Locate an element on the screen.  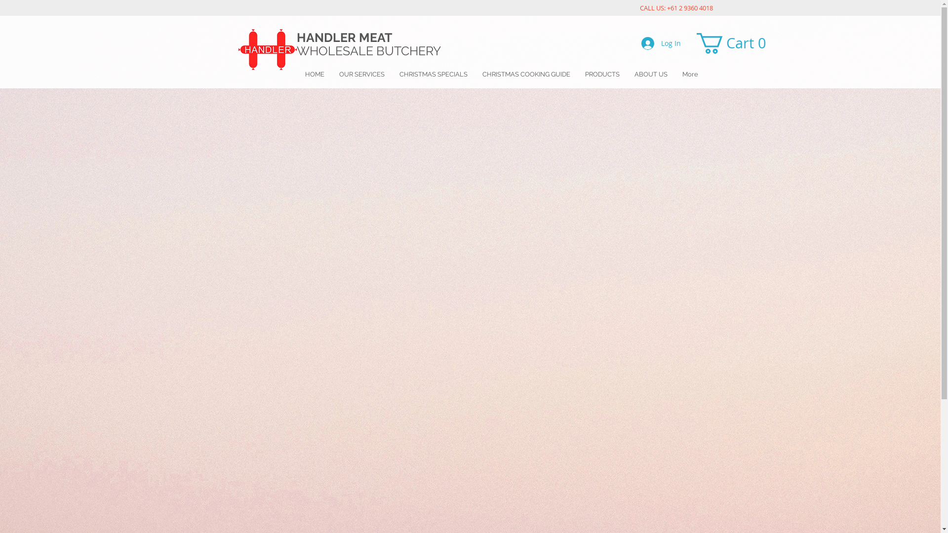
'Cart is located at coordinates (735, 43).